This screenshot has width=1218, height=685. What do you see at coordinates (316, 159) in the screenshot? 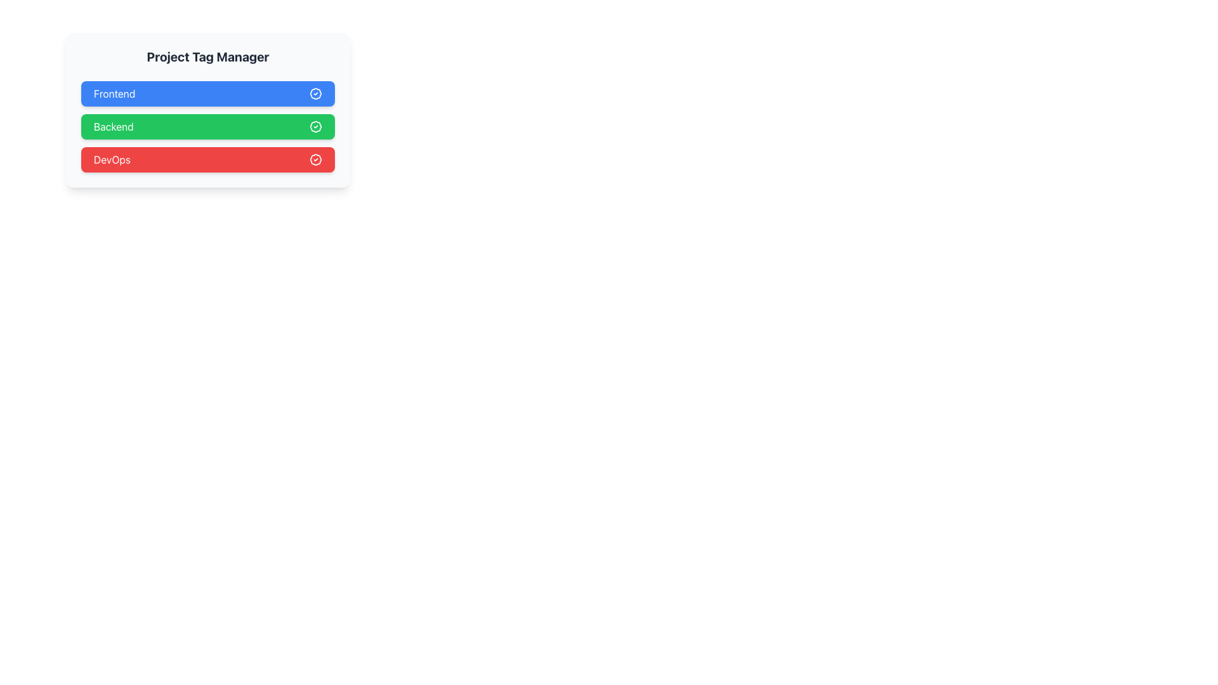
I see `the circular icon with a checkmark badge, which has a red background and is located at the far right of the 'DevOps' row in the project categories list` at bounding box center [316, 159].